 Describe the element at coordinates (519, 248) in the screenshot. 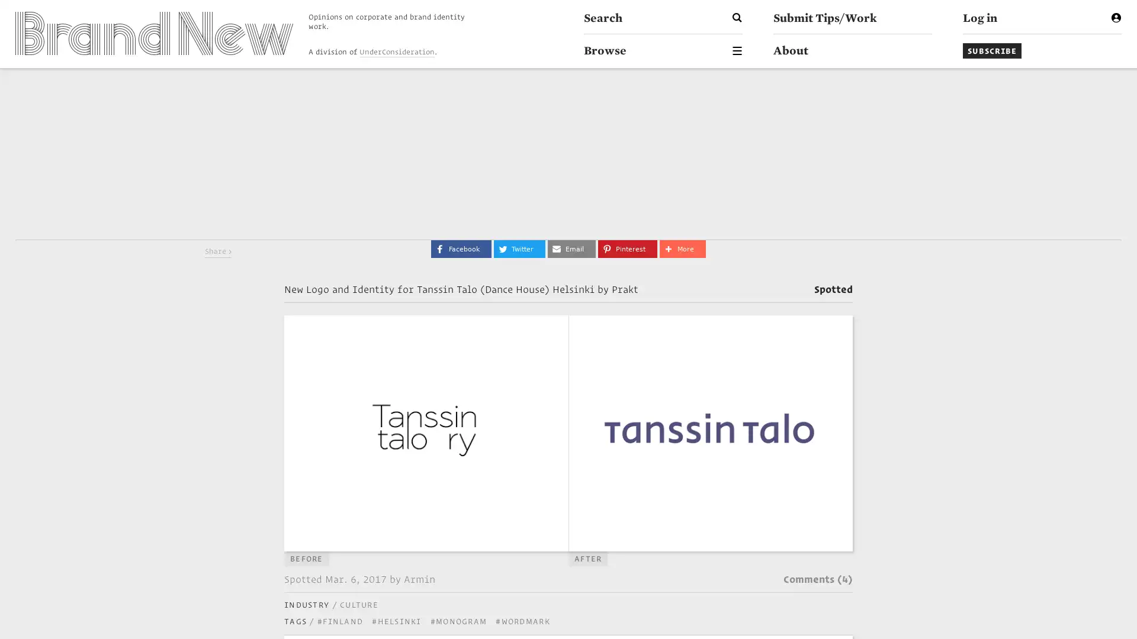

I see `Share to Twitter Twitter` at that location.